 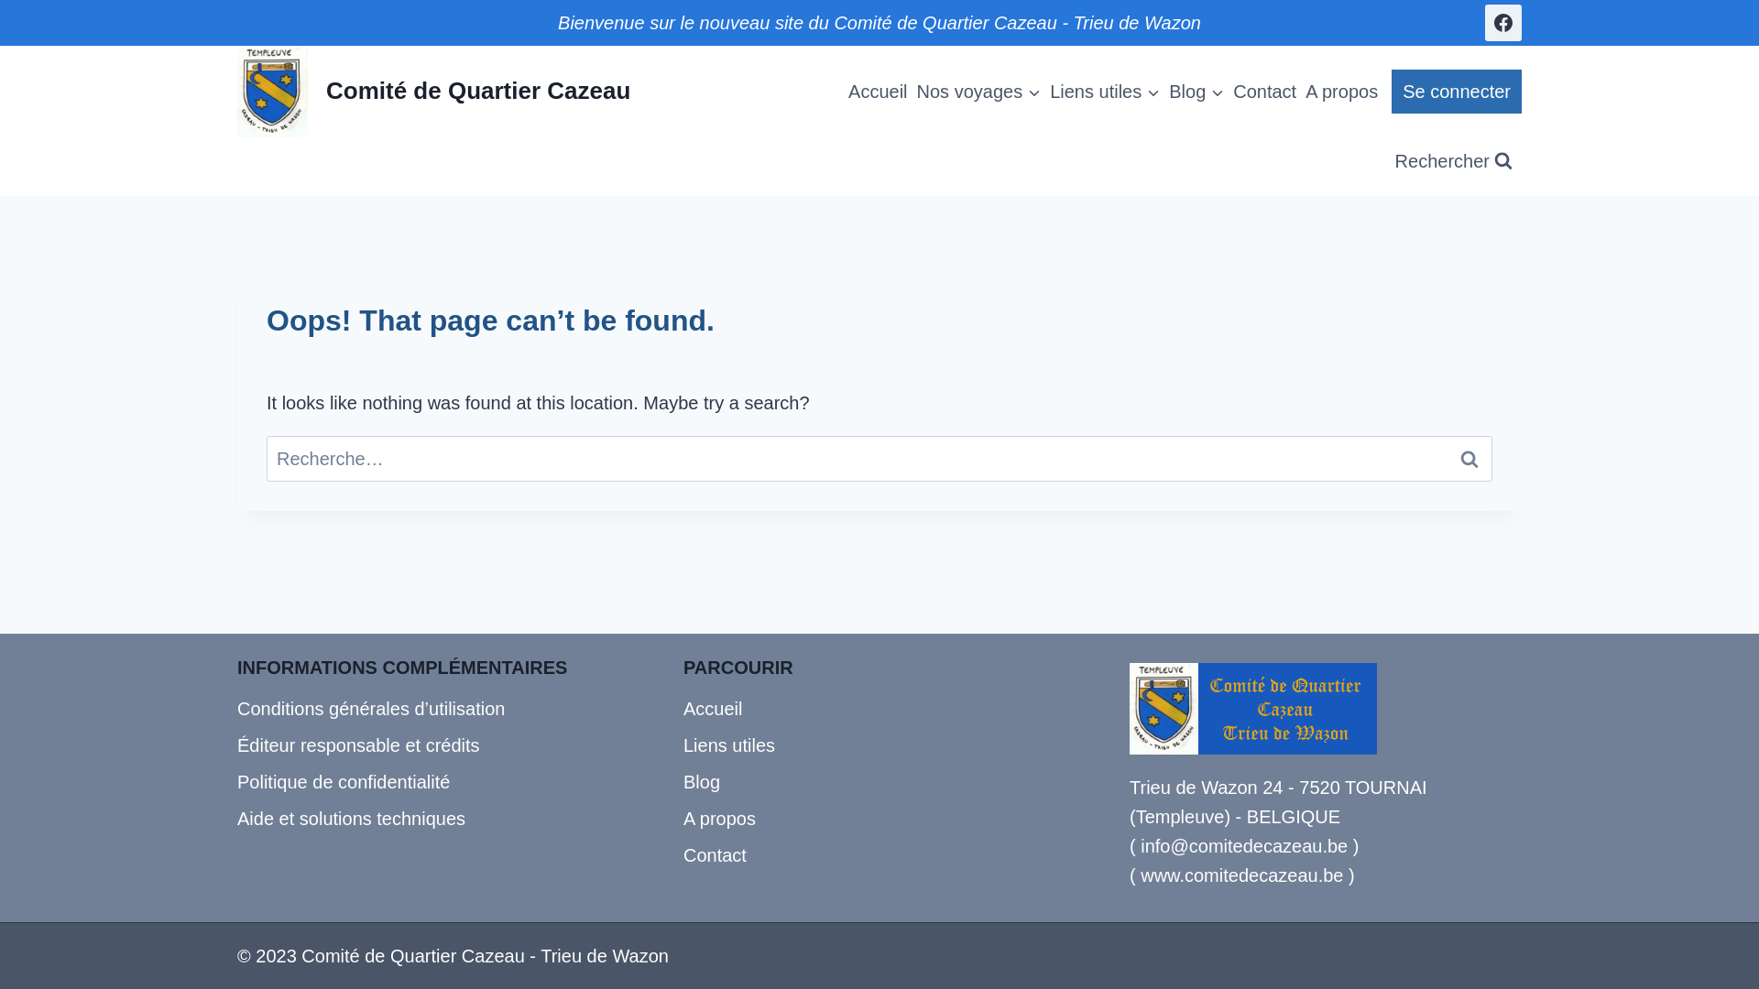 I want to click on 'Rechercher', so click(x=1453, y=160).